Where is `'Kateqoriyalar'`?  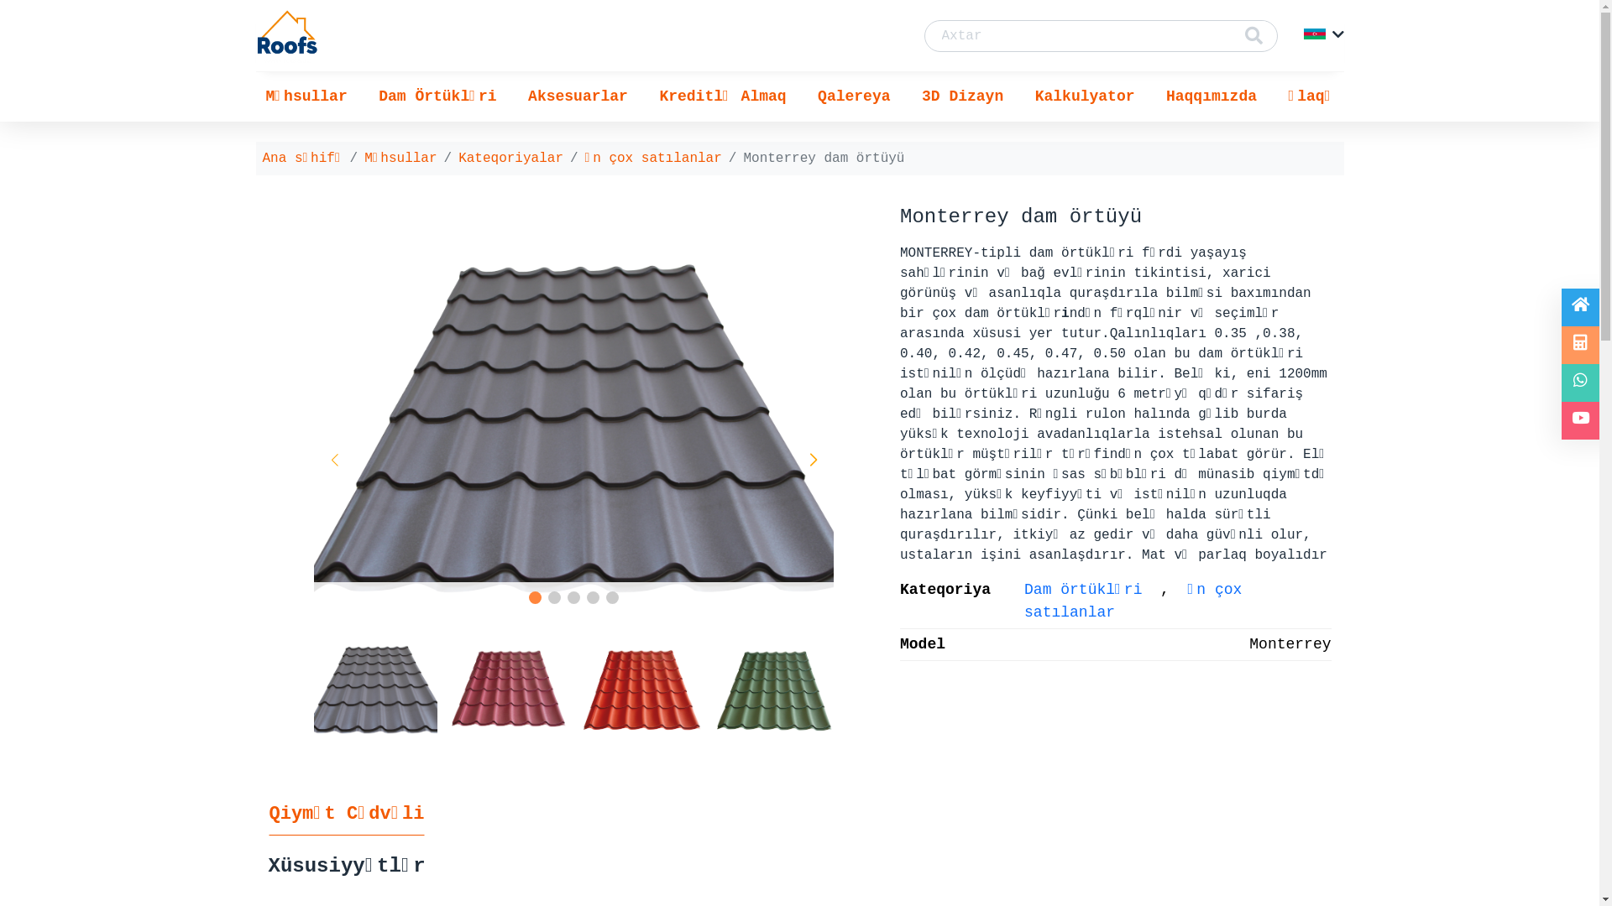 'Kateqoriyalar' is located at coordinates (510, 159).